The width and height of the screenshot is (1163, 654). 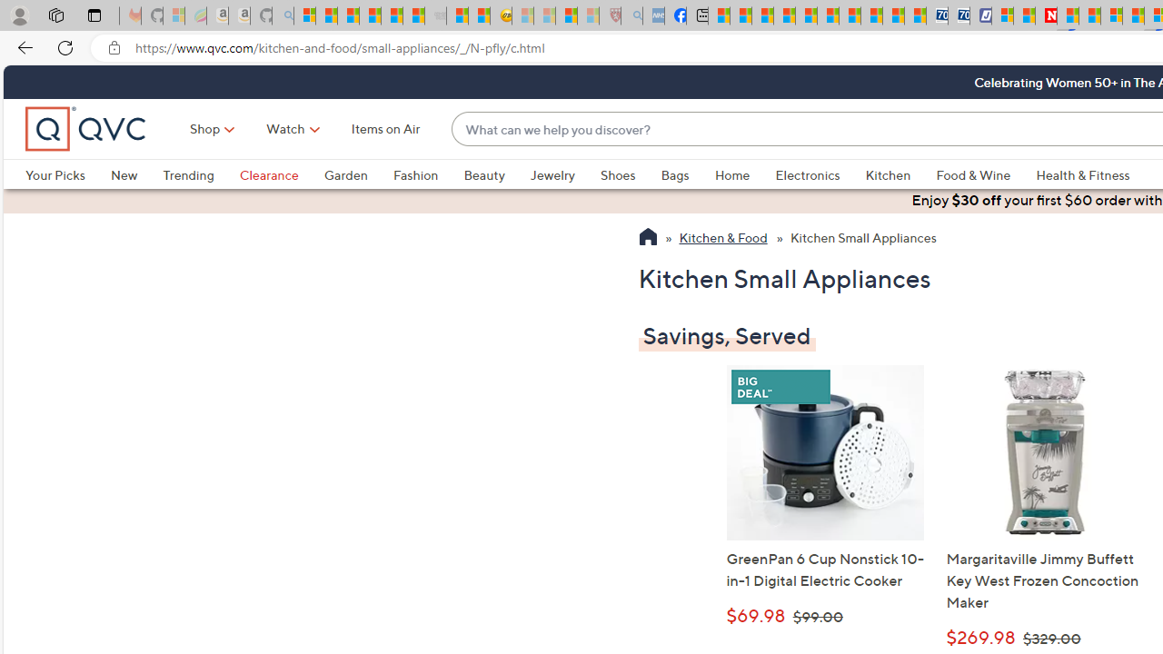 I want to click on 'Trending', so click(x=188, y=174).